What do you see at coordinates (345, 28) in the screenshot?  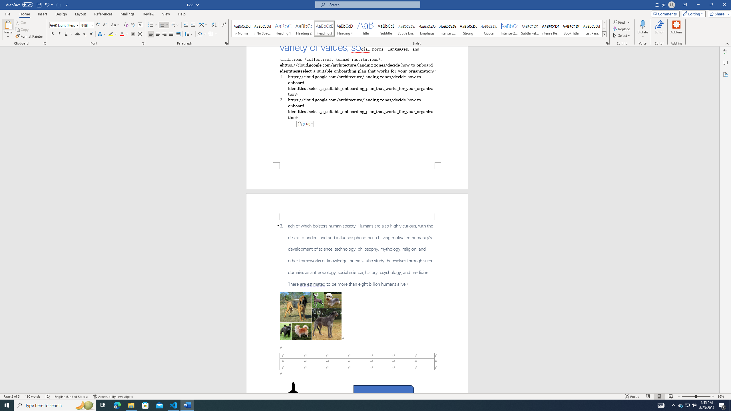 I see `'Heading 4'` at bounding box center [345, 28].